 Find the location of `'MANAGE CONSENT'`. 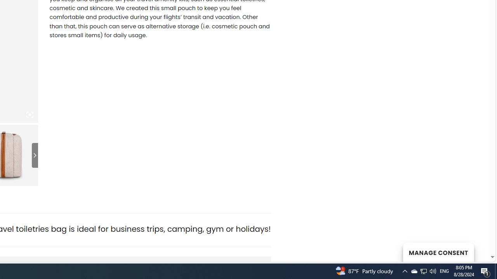

'MANAGE CONSENT' is located at coordinates (438, 252).